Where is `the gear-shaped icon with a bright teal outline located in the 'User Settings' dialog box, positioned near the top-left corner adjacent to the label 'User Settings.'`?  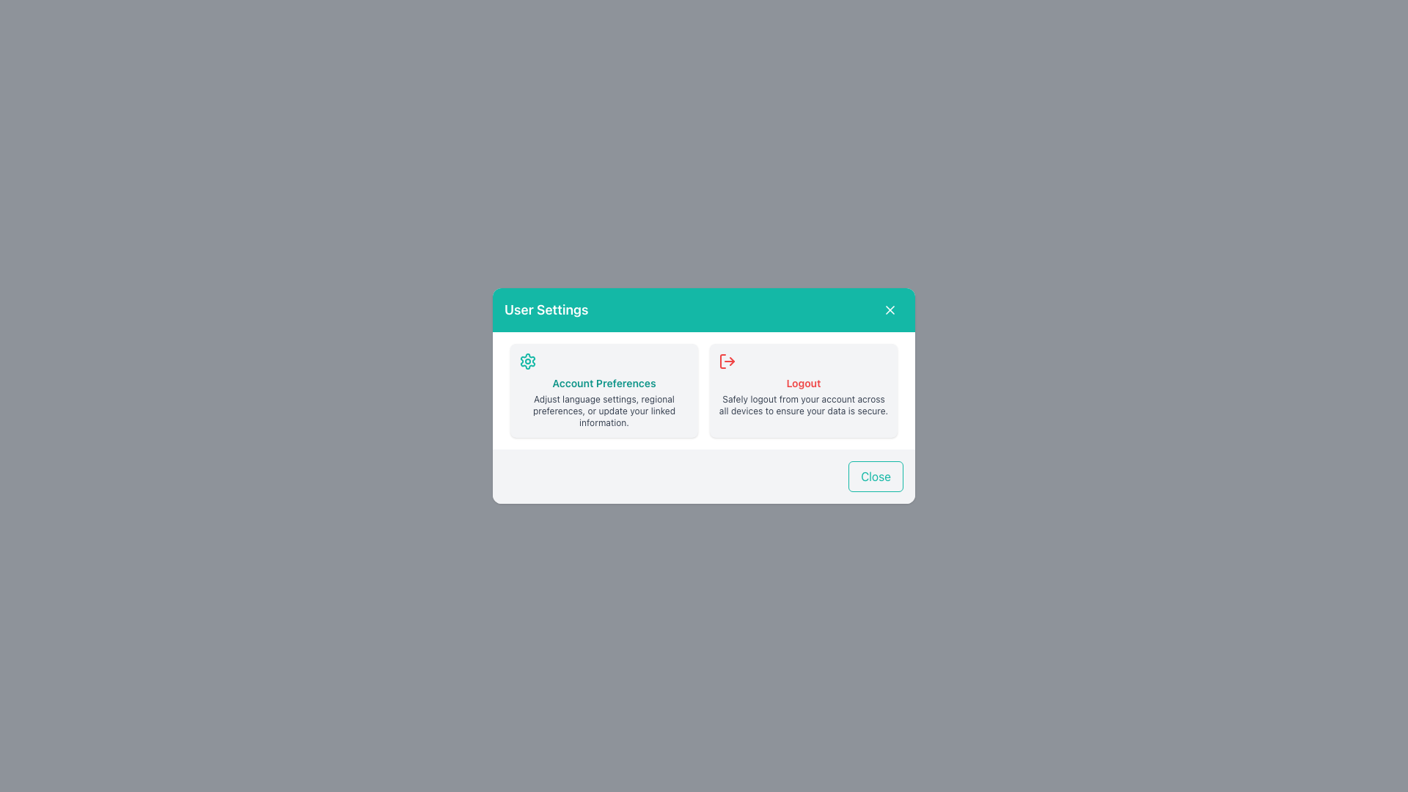
the gear-shaped icon with a bright teal outline located in the 'User Settings' dialog box, positioned near the top-left corner adjacent to the label 'User Settings.' is located at coordinates (528, 362).